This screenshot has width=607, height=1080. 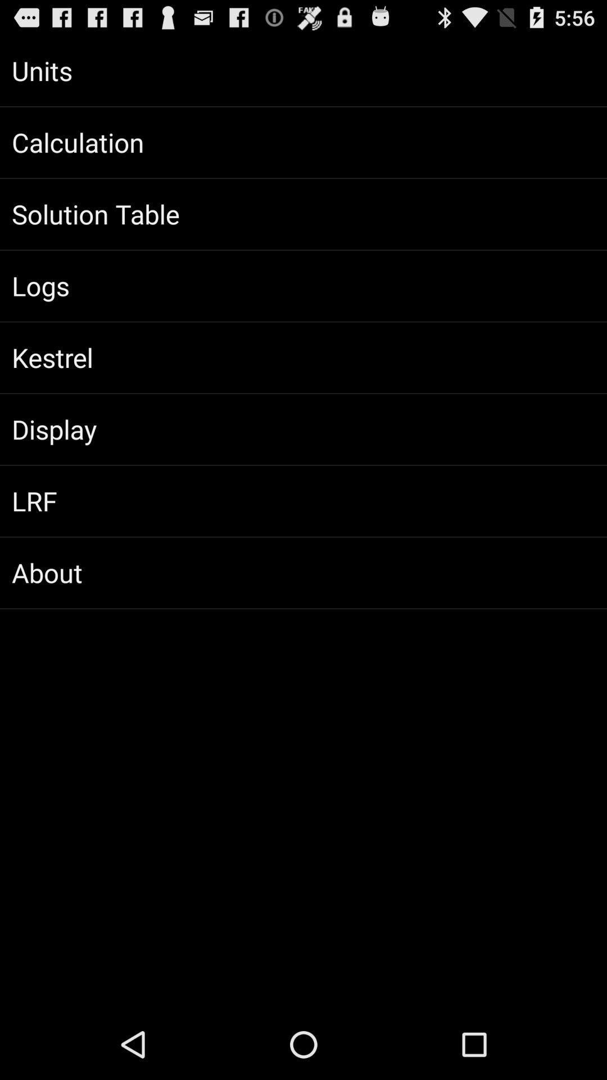 What do you see at coordinates (303, 357) in the screenshot?
I see `the icon below the logs app` at bounding box center [303, 357].